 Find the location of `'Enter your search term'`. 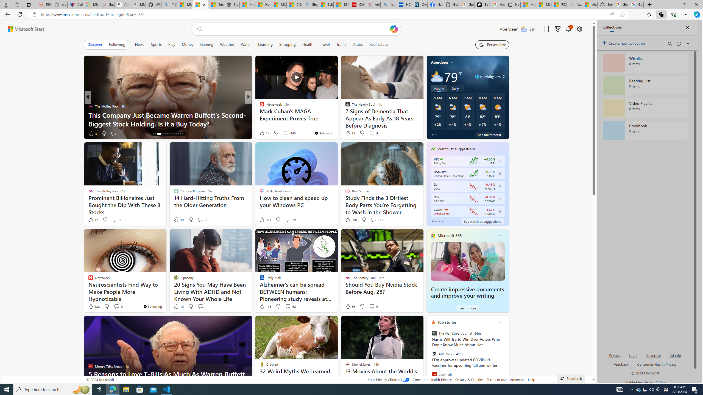

'Enter your search term' is located at coordinates (298, 29).